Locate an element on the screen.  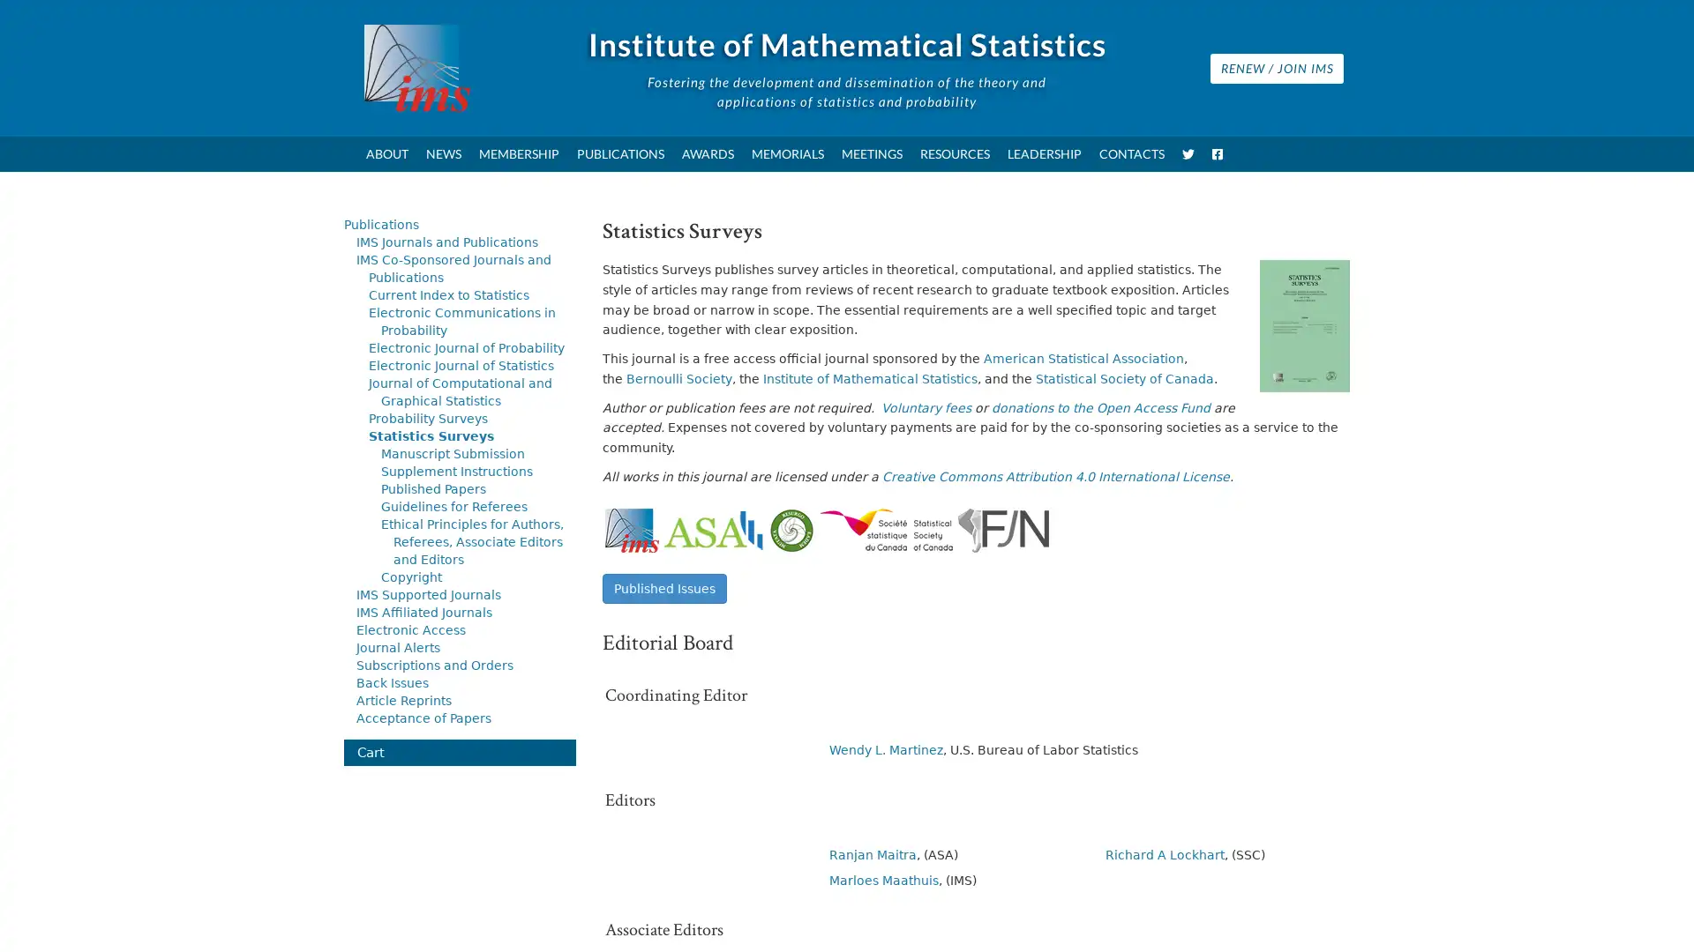
Published Issues is located at coordinates (663, 588).